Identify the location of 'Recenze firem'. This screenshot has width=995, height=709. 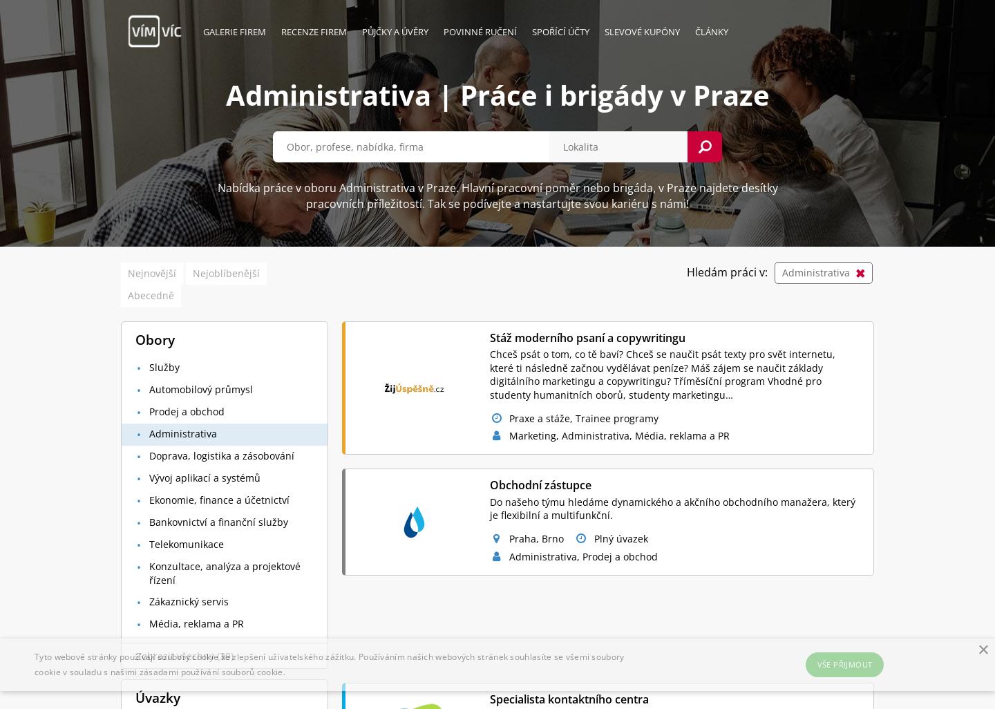
(314, 31).